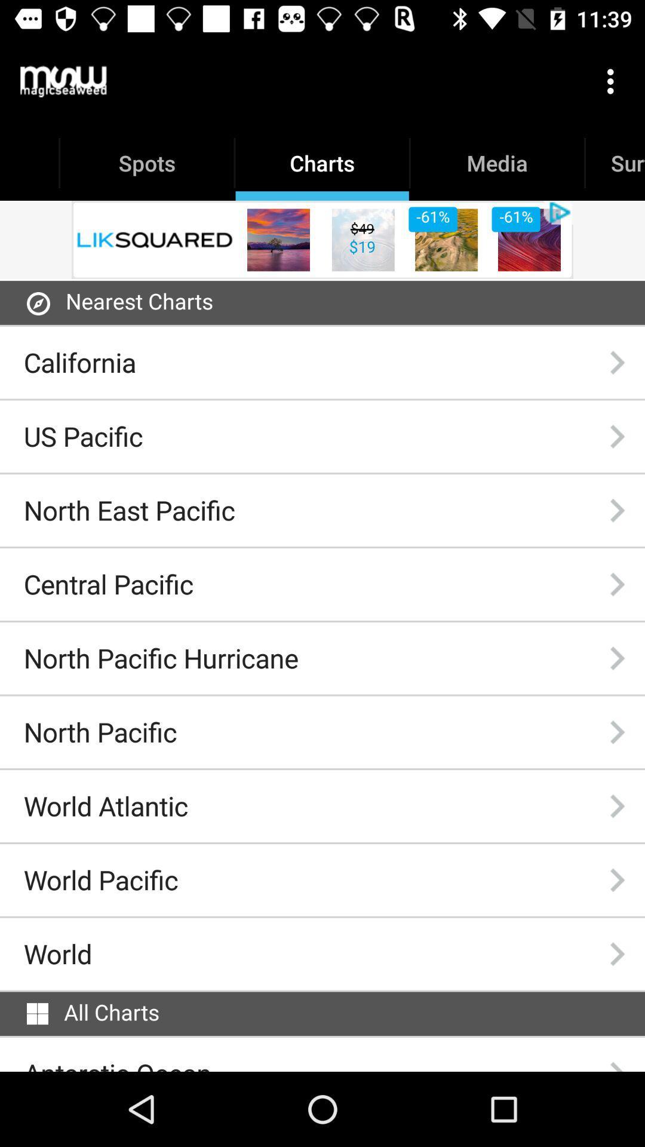 The image size is (645, 1147). What do you see at coordinates (617, 953) in the screenshot?
I see `the icon to the right of the world icon` at bounding box center [617, 953].